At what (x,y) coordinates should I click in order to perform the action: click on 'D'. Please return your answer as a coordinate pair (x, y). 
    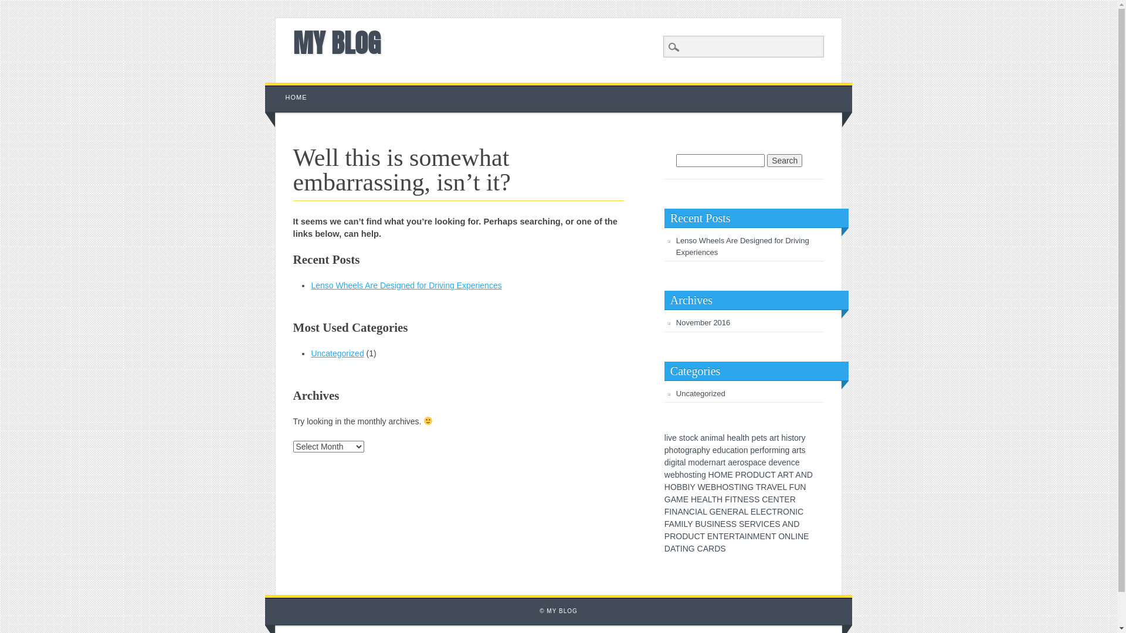
    Looking at the image, I should click on (664, 549).